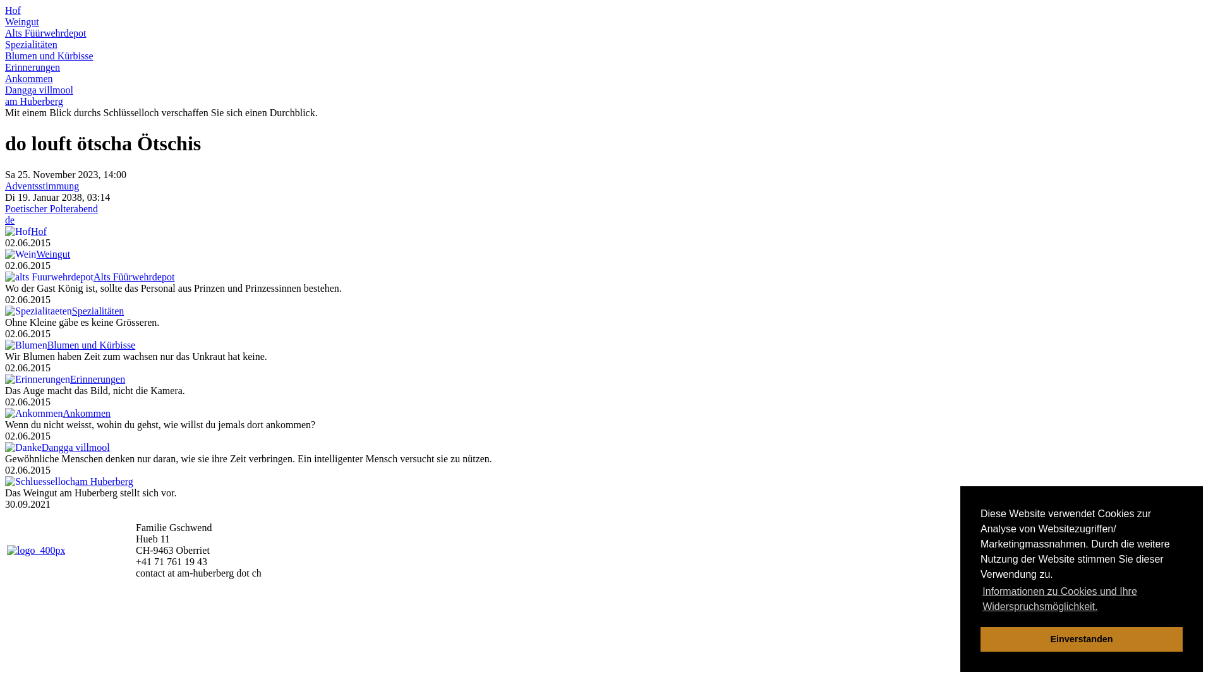 The image size is (1213, 682). What do you see at coordinates (21, 21) in the screenshot?
I see `'Weingut'` at bounding box center [21, 21].